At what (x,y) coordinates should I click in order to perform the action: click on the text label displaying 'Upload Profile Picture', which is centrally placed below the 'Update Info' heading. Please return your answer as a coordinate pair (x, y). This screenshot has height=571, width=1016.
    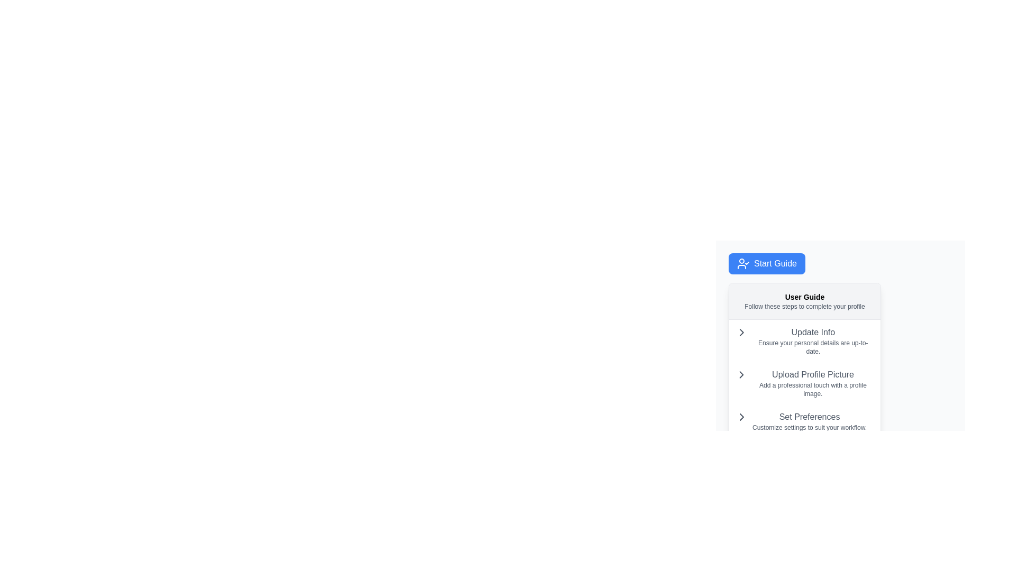
    Looking at the image, I should click on (812, 374).